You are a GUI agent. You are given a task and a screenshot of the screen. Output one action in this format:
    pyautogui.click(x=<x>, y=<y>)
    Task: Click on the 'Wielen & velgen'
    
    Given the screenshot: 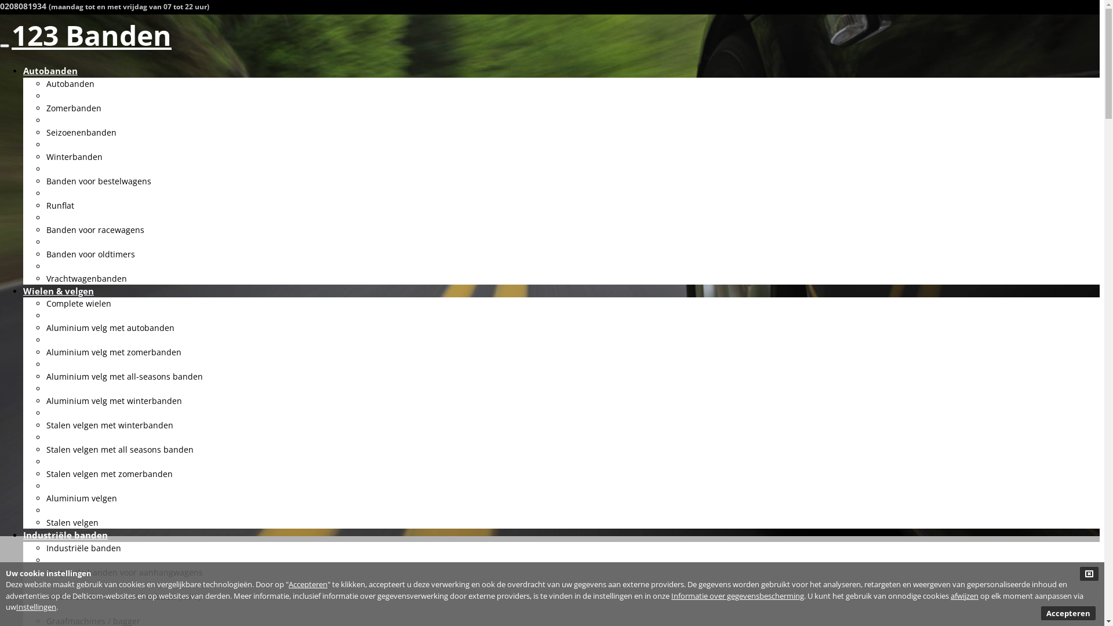 What is the action you would take?
    pyautogui.click(x=57, y=290)
    